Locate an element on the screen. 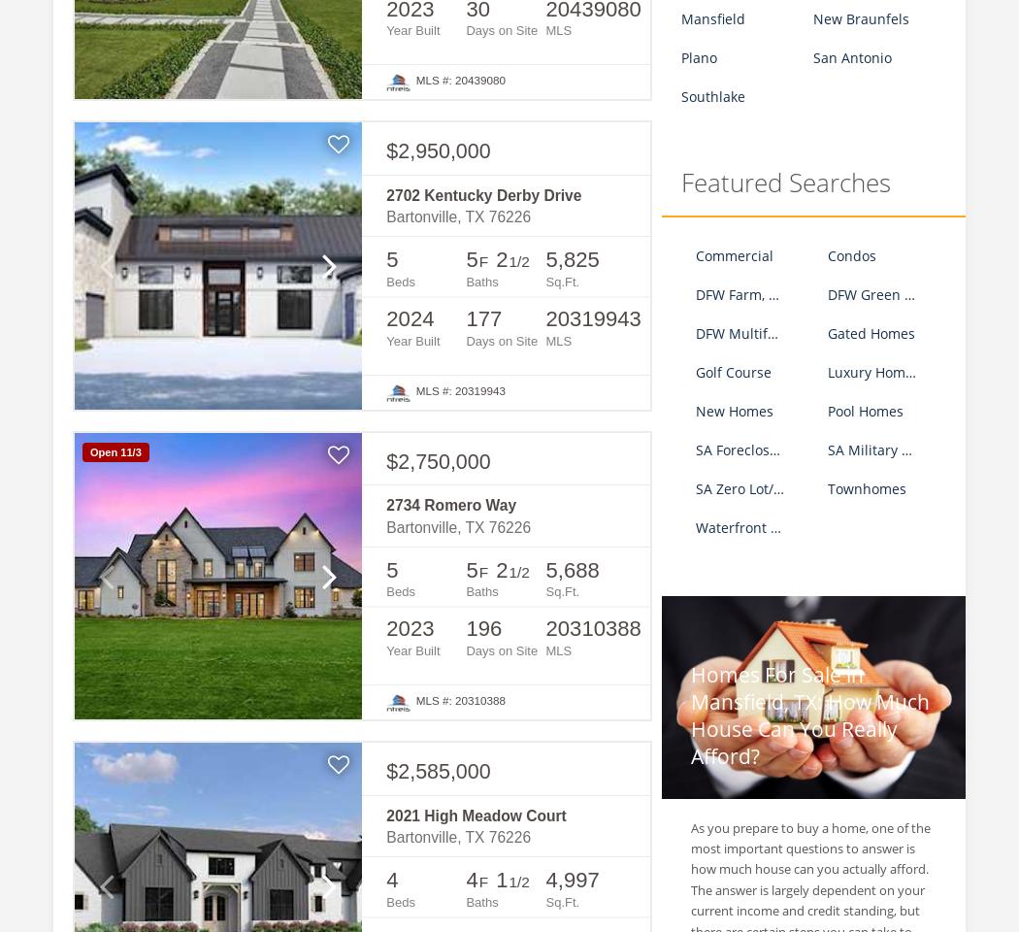 This screenshot has height=932, width=1019. 'San Antonio' is located at coordinates (851, 56).